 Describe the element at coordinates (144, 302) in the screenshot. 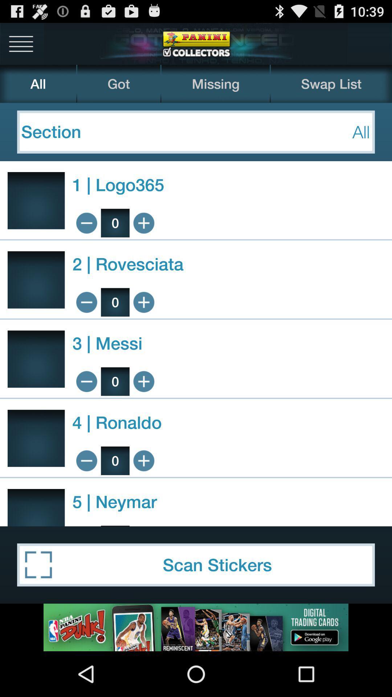

I see `one` at that location.